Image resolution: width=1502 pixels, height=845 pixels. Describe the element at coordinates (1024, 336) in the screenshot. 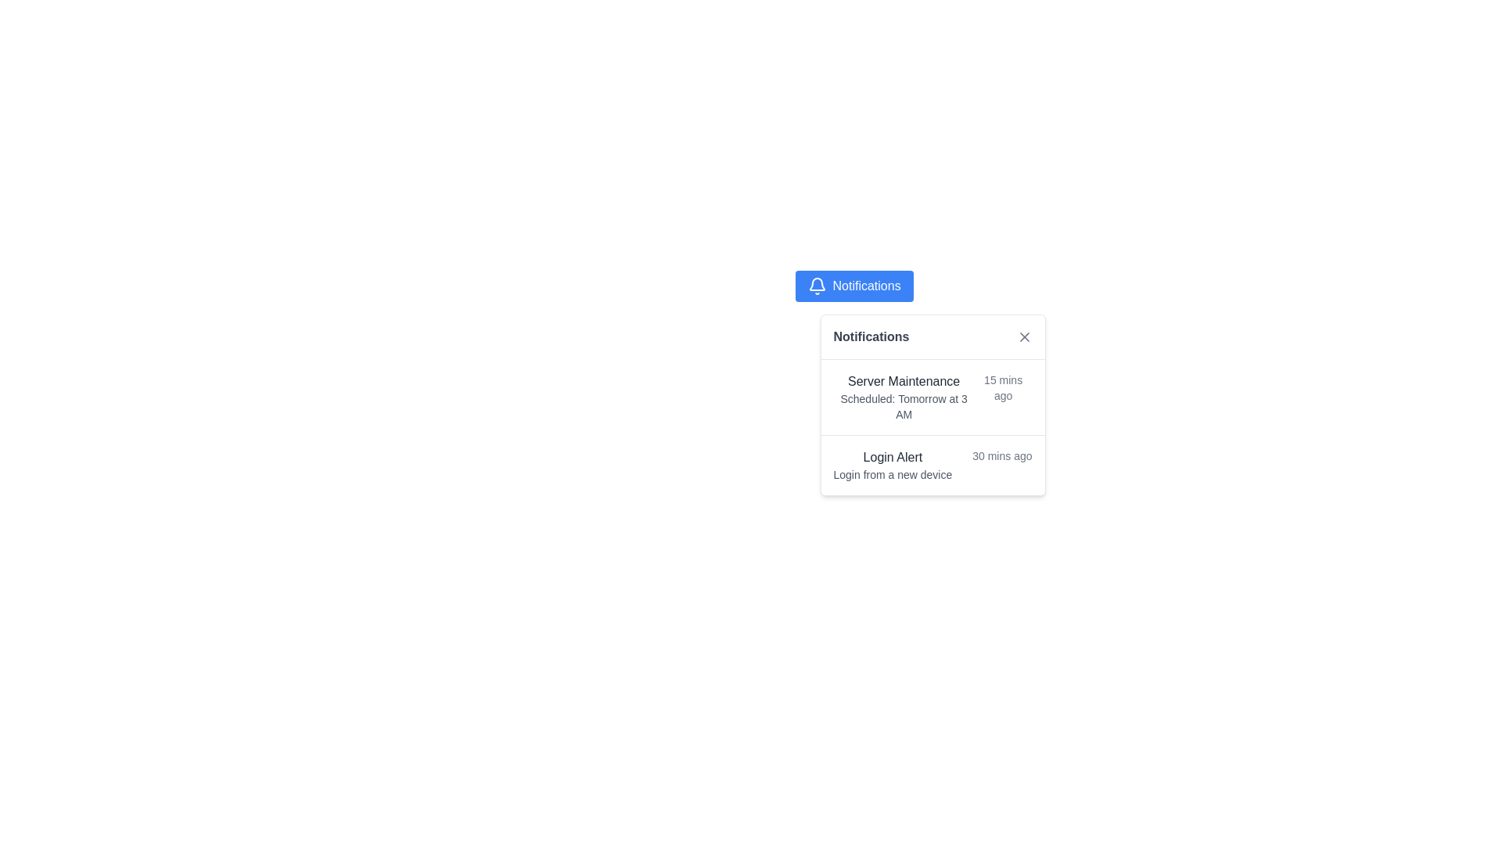

I see `the 'X' icon button located in the top-right corner of the notifications popup` at that location.